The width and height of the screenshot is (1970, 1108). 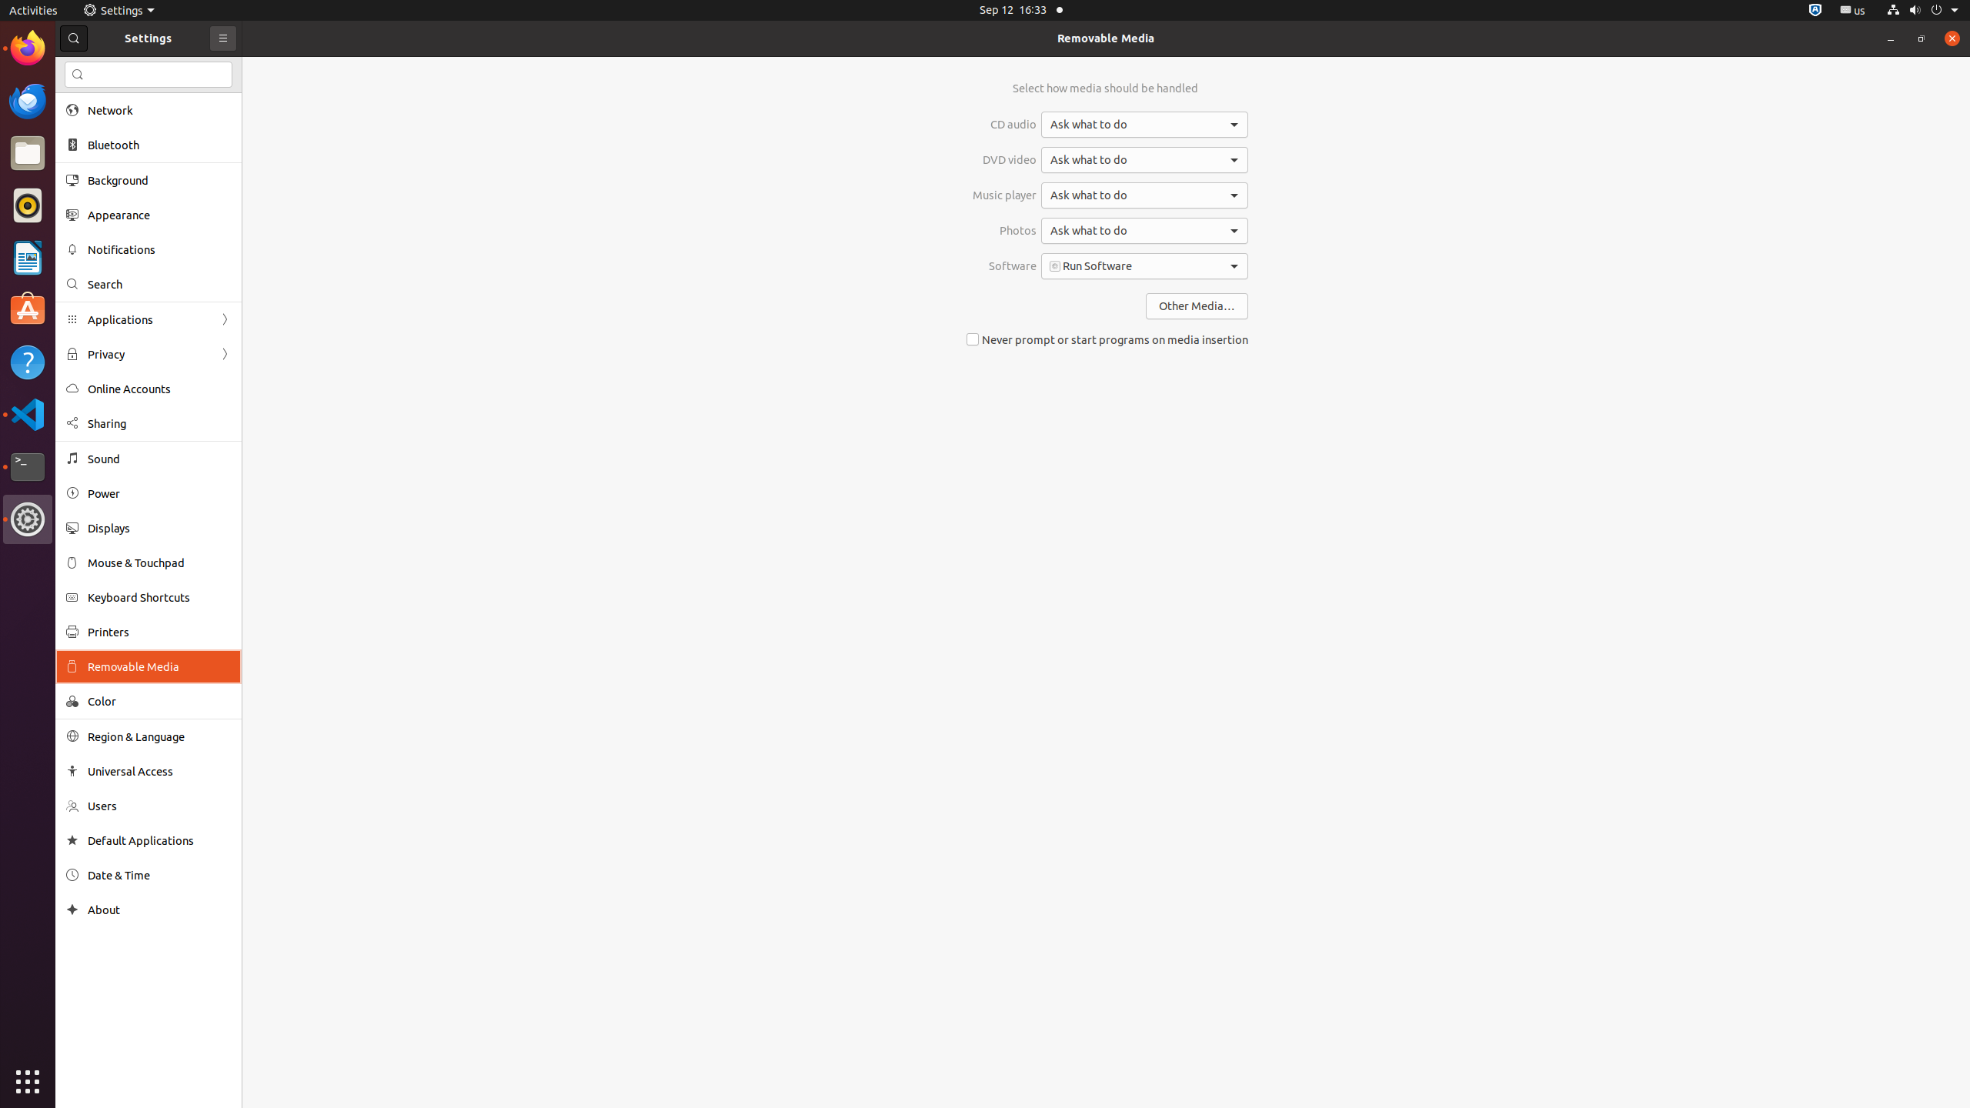 I want to click on 'Date & Time', so click(x=159, y=875).